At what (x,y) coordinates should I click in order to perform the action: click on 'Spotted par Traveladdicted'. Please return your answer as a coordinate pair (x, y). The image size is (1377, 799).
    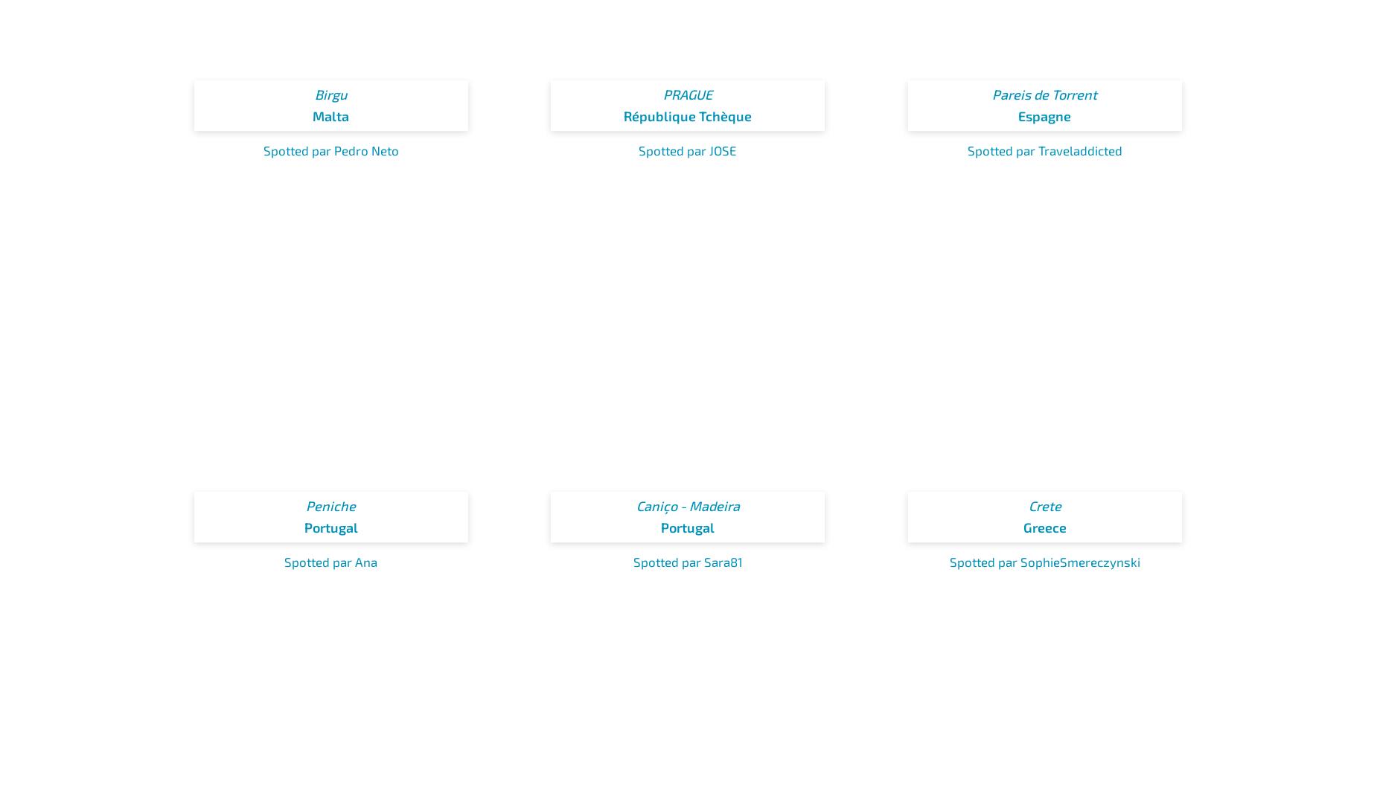
    Looking at the image, I should click on (1044, 150).